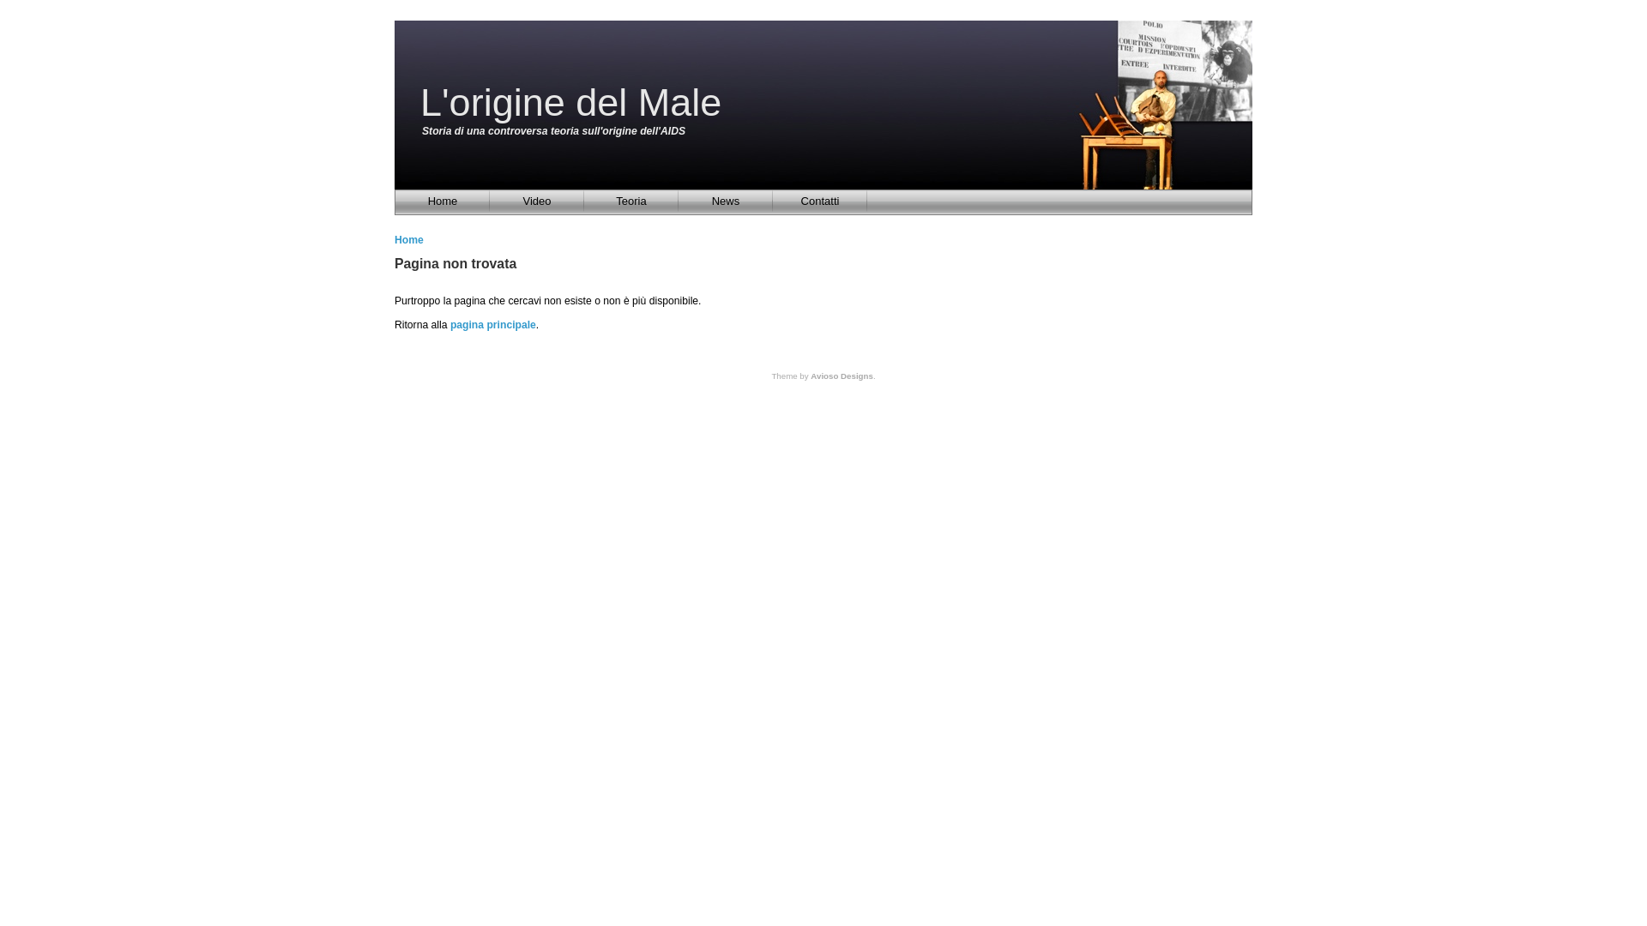 This screenshot has height=926, width=1647. What do you see at coordinates (492, 324) in the screenshot?
I see `'pagina principale'` at bounding box center [492, 324].